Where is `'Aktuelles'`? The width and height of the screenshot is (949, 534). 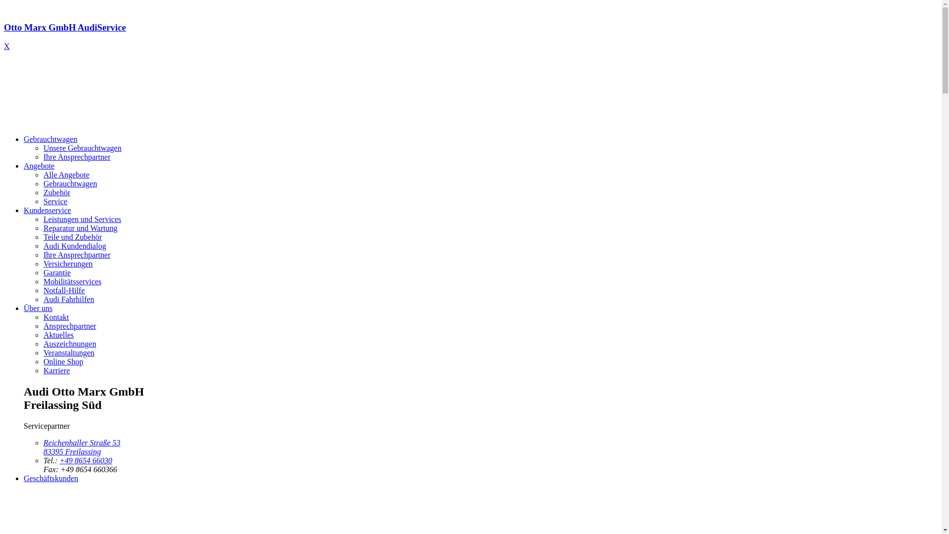
'Aktuelles' is located at coordinates (58, 334).